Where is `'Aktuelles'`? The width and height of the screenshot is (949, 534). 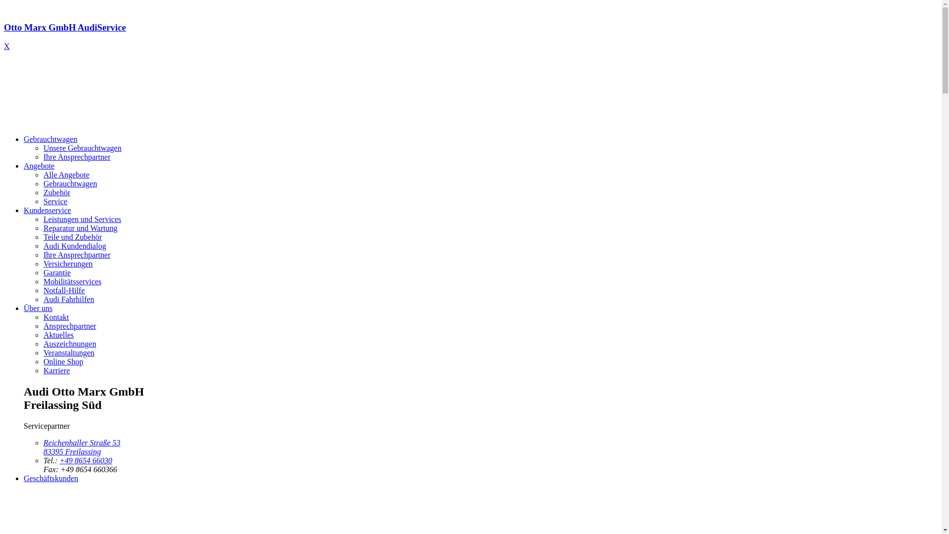
'Aktuelles' is located at coordinates (58, 334).